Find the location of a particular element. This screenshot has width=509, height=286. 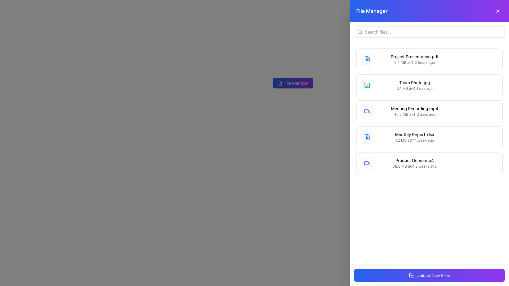

the file type indicator icon representing the video file associated with 'Product Demo.mp4', located on the left side of the file entry in the file manager is located at coordinates (367, 163).